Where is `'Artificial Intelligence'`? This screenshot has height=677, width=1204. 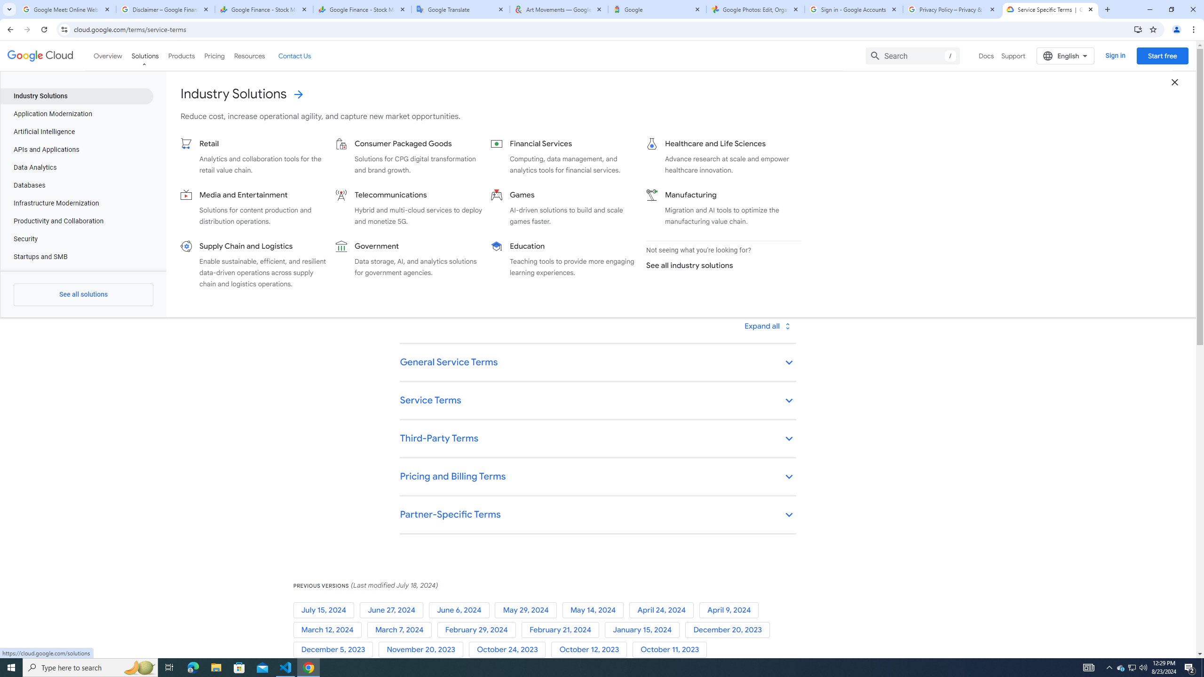 'Artificial Intelligence' is located at coordinates (76, 131).